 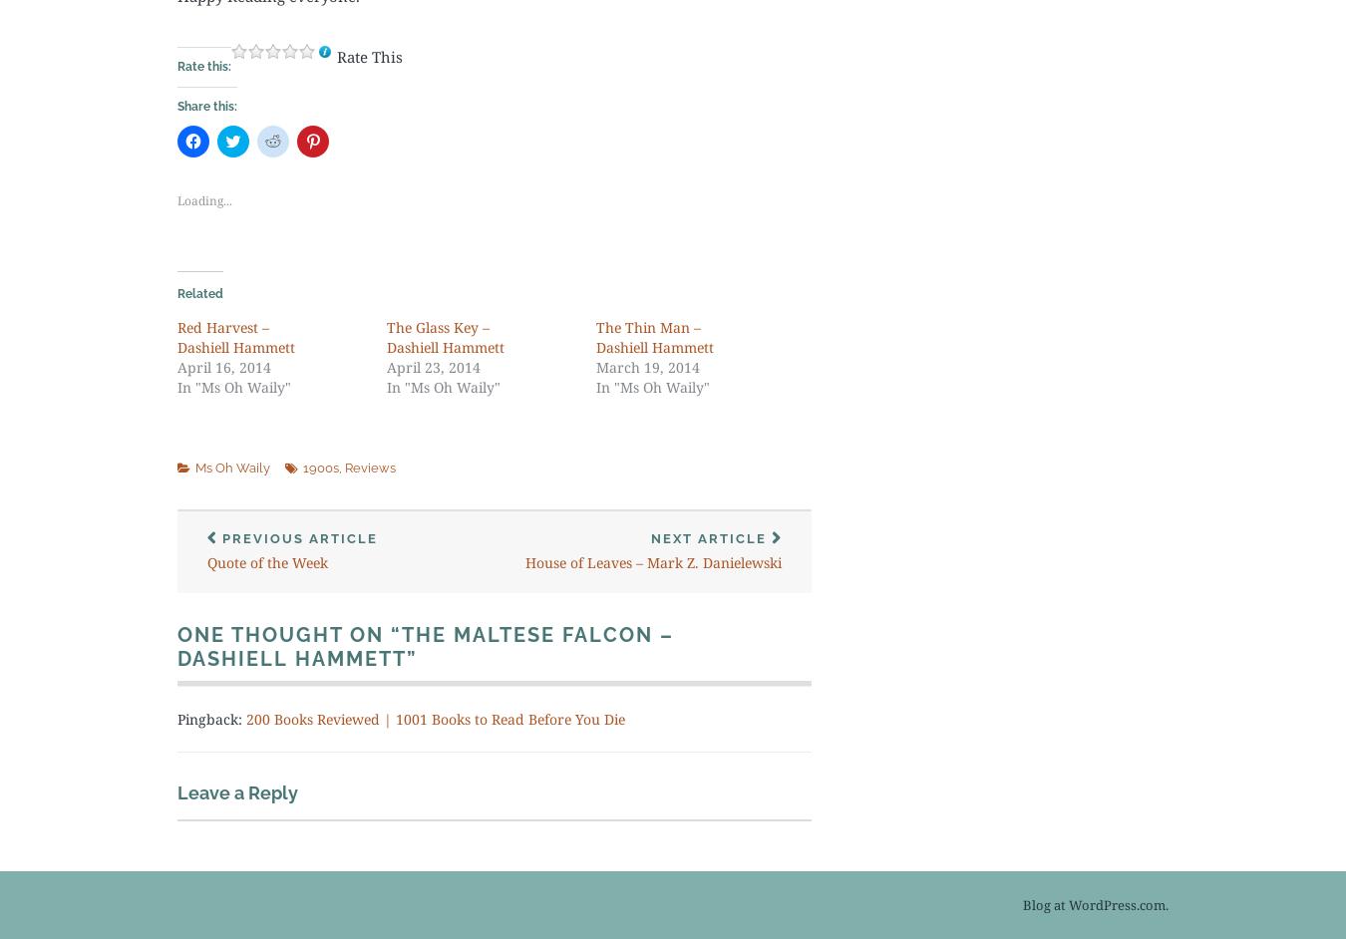 I want to click on 'Reviews', so click(x=370, y=466).